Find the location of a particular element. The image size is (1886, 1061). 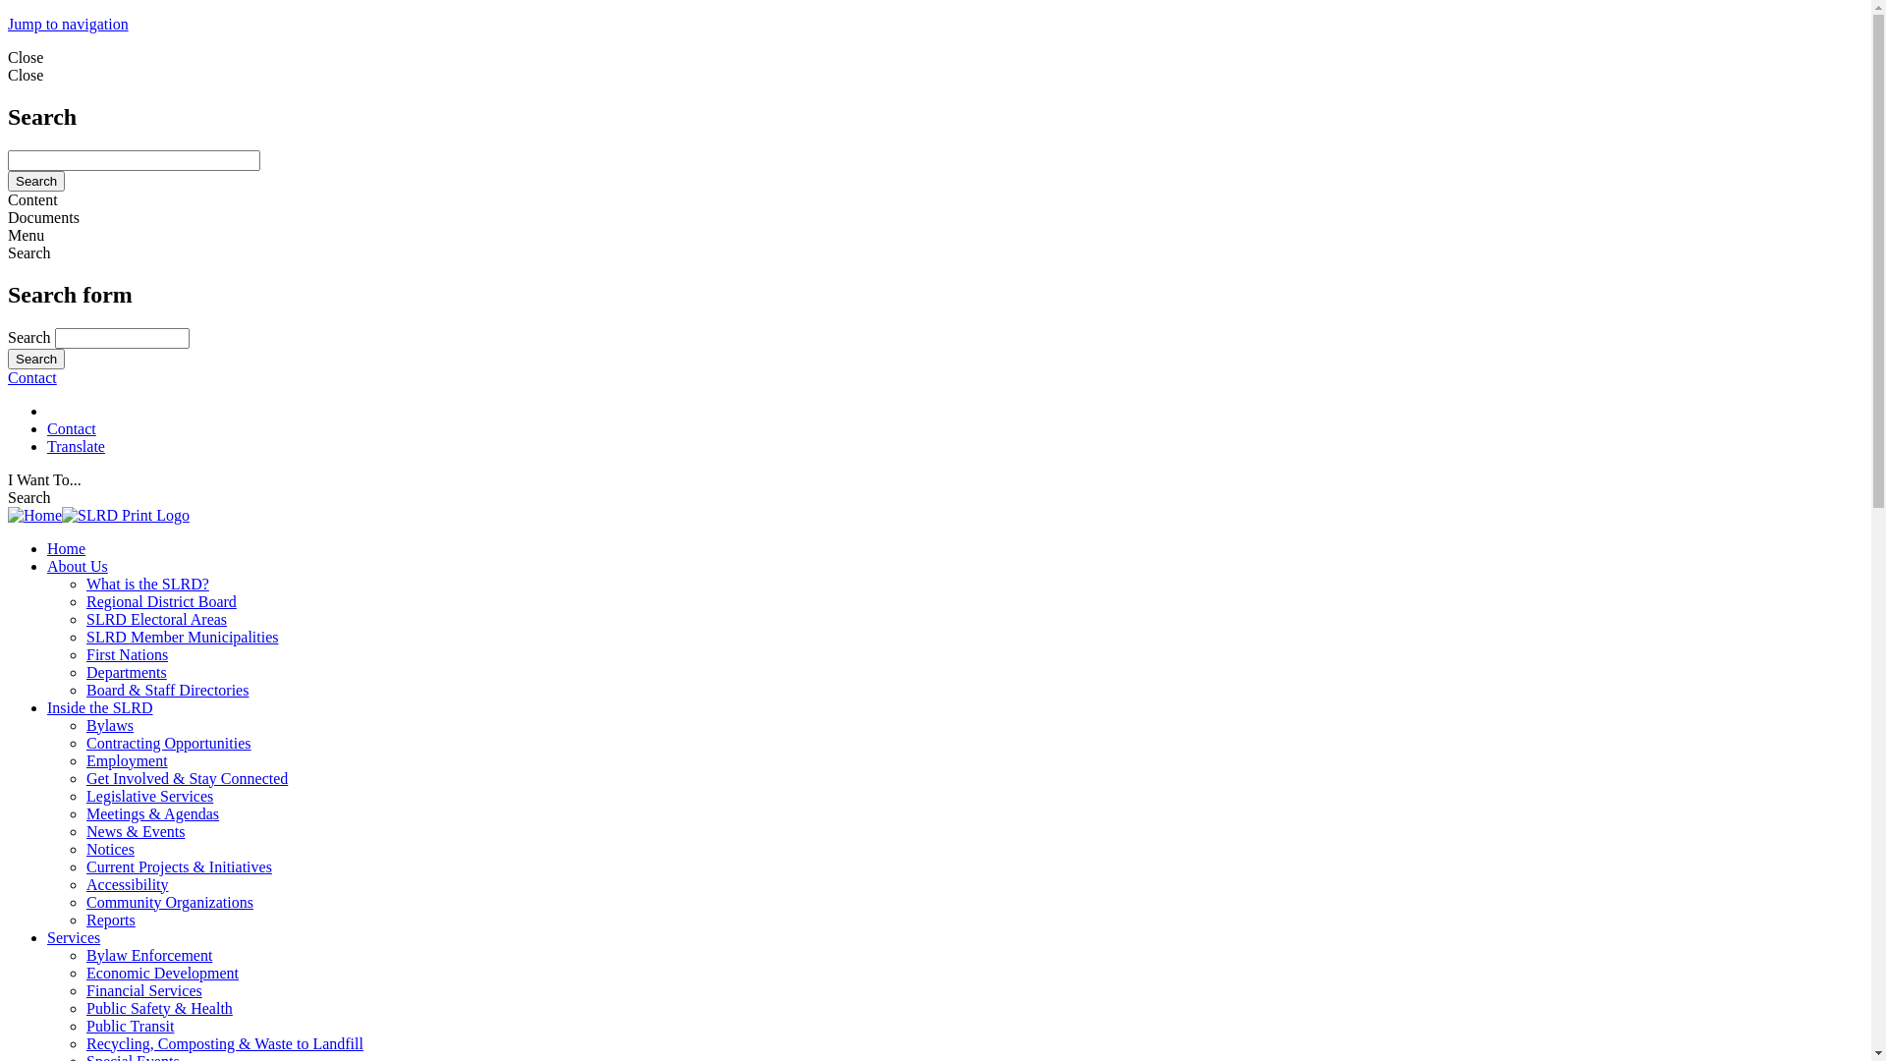

'SLRD Electoral Areas' is located at coordinates (155, 619).